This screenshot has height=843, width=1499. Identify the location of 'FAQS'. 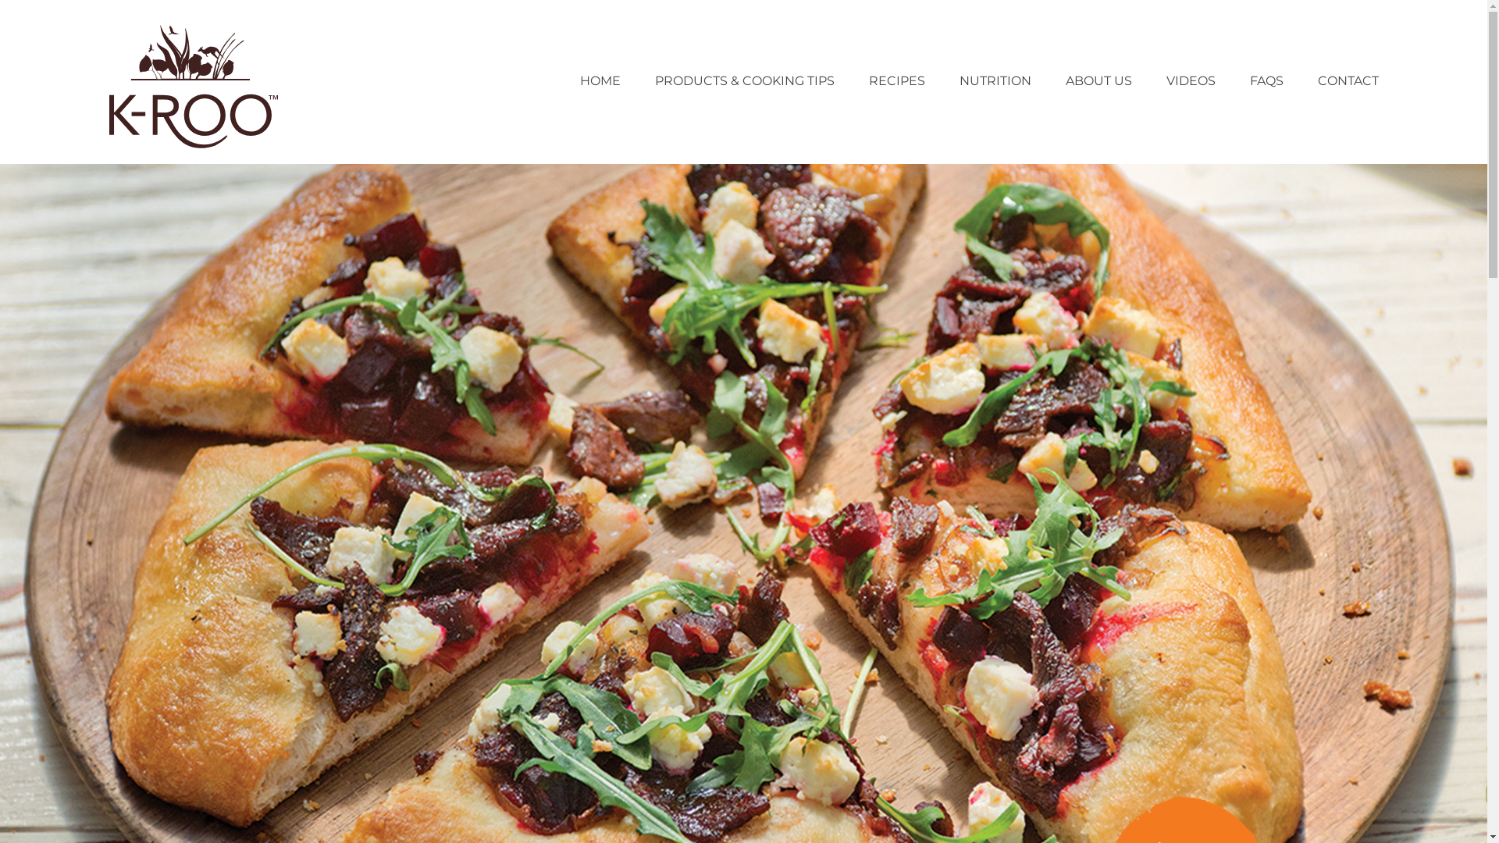
(1266, 80).